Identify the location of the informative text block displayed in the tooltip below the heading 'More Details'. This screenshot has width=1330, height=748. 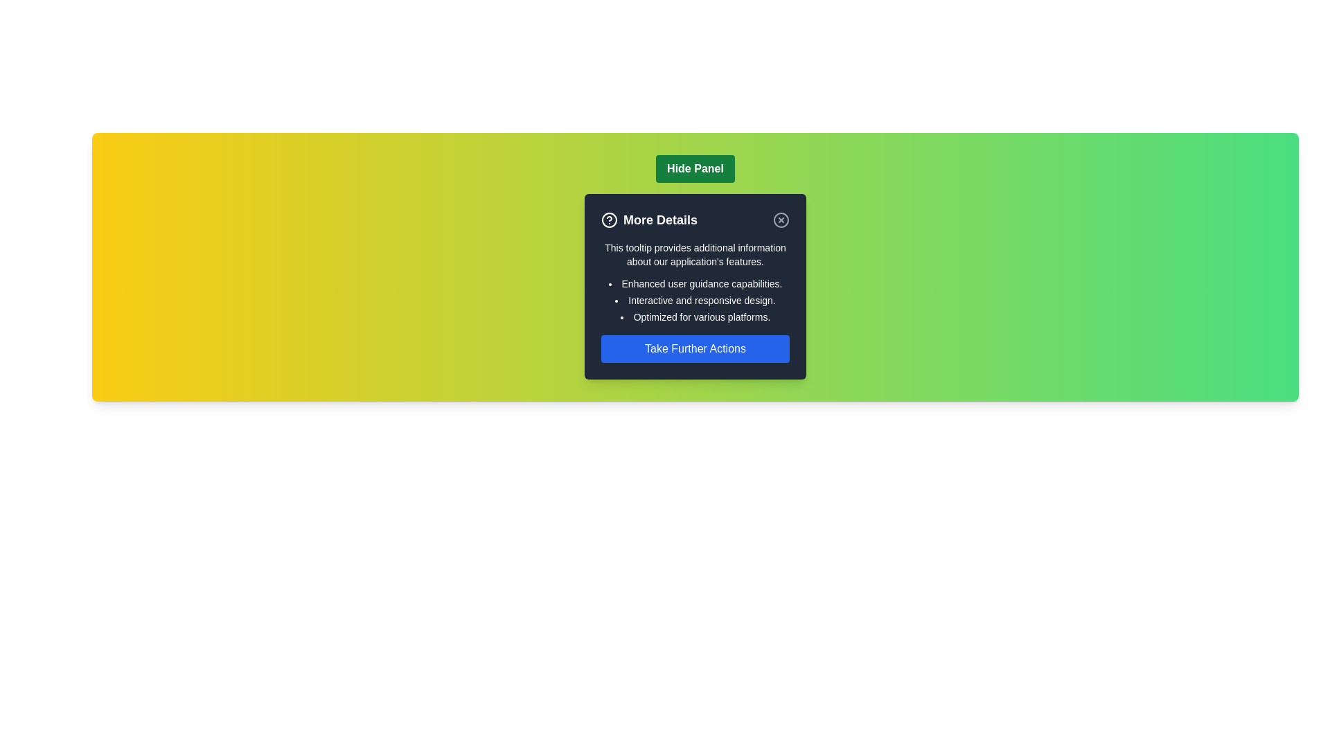
(695, 254).